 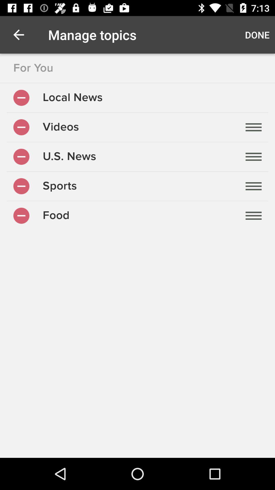 What do you see at coordinates (18, 34) in the screenshot?
I see `the item next to the manage topics icon` at bounding box center [18, 34].